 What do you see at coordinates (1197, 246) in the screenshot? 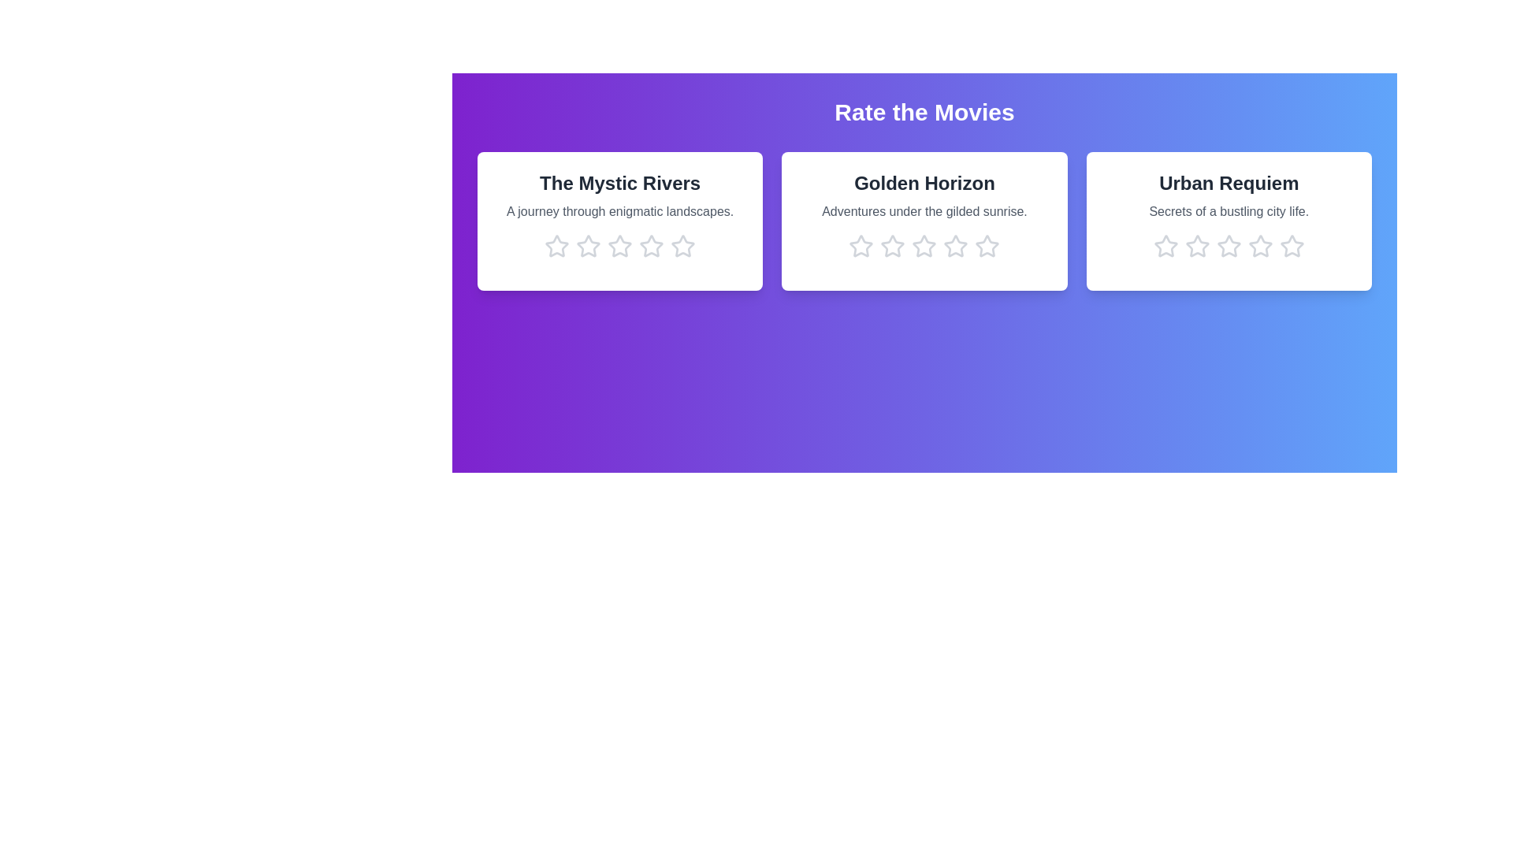
I see `the star corresponding to 2 stars in the movie card titled 'Urban Requiem'` at bounding box center [1197, 246].